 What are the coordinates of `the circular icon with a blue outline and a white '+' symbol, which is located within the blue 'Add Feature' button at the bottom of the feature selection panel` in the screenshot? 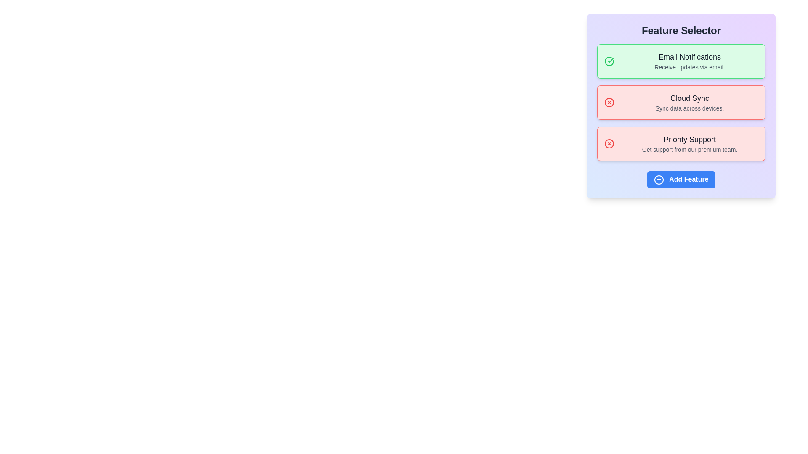 It's located at (659, 179).